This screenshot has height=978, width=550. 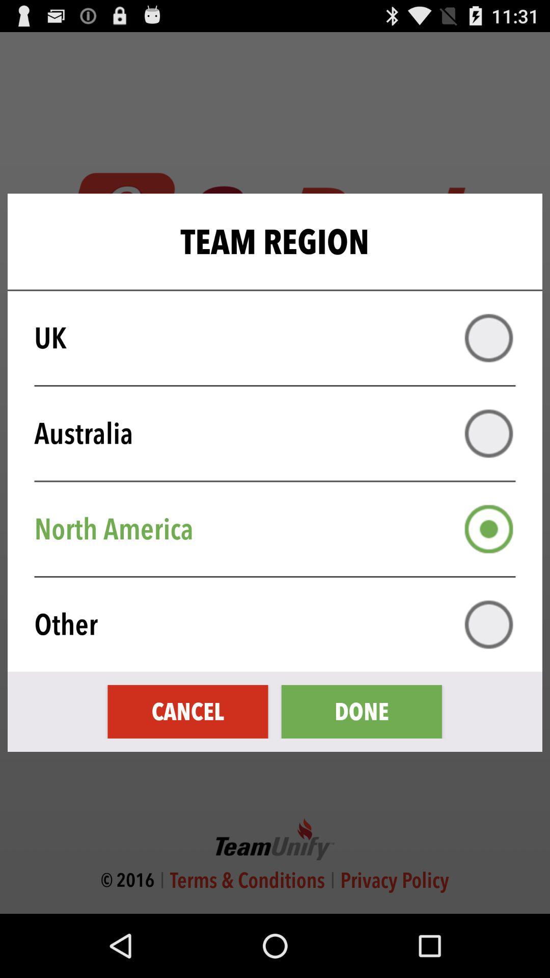 I want to click on item to the right of the cancel icon, so click(x=361, y=711).